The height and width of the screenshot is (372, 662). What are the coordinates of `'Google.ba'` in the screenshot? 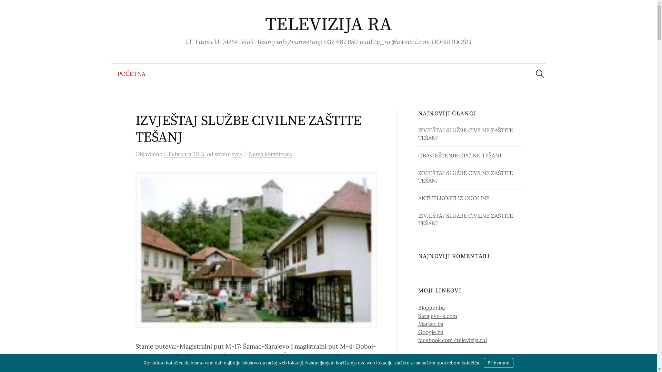 It's located at (430, 332).